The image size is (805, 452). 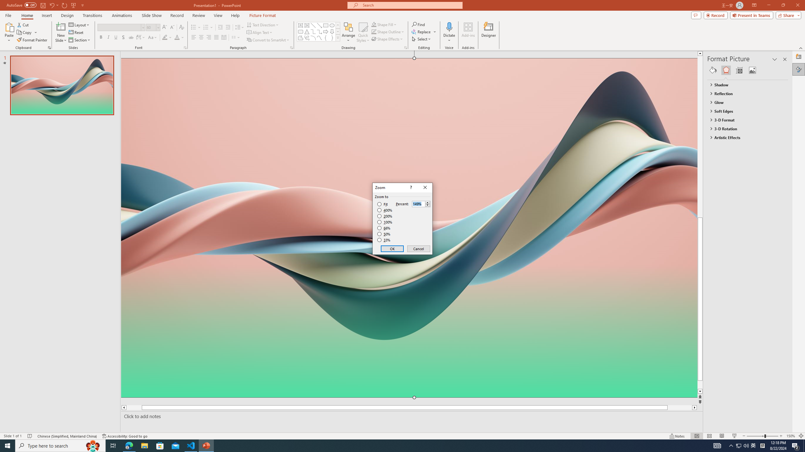 I want to click on '3-D Rotation', so click(x=745, y=128).